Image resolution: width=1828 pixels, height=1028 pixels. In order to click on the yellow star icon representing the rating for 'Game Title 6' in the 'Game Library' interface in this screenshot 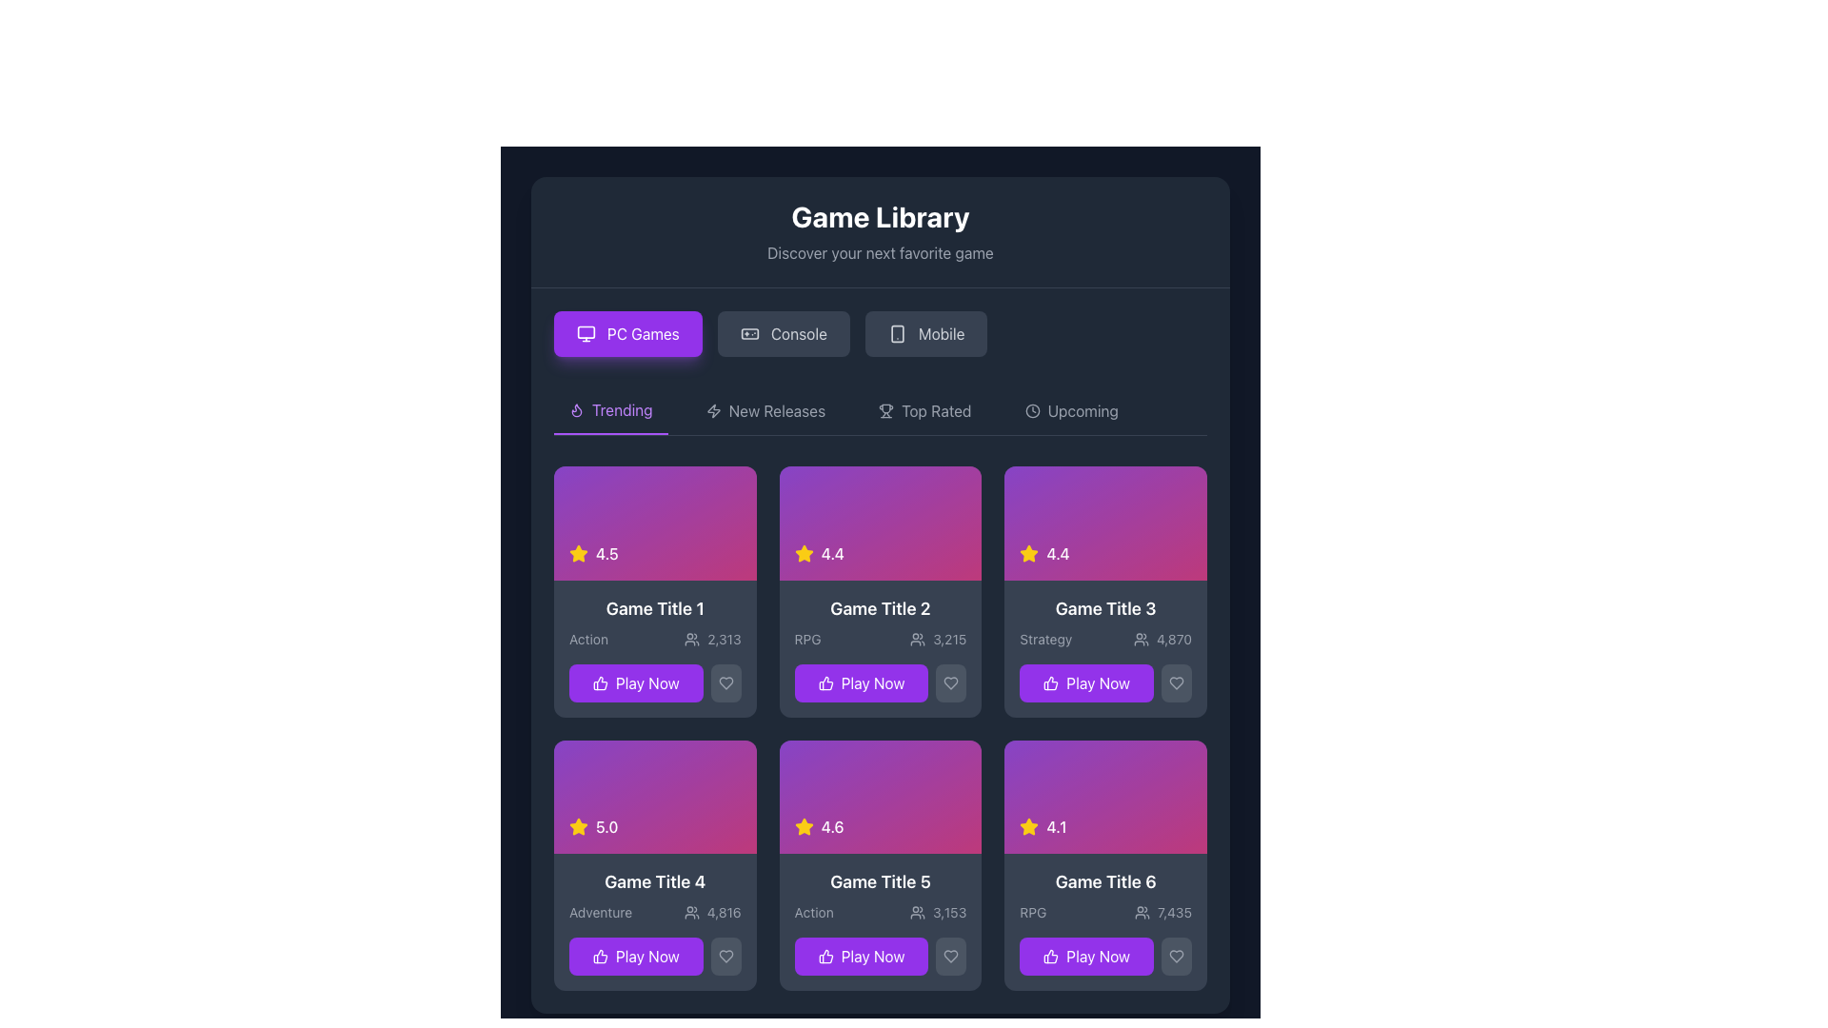, I will do `click(578, 825)`.